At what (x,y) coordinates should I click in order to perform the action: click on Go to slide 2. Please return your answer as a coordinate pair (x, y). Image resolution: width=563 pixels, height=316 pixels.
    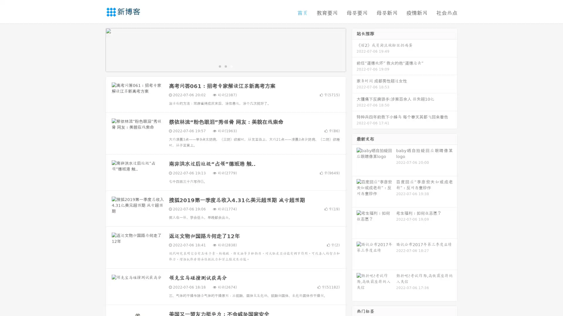
    Looking at the image, I should click on (225, 66).